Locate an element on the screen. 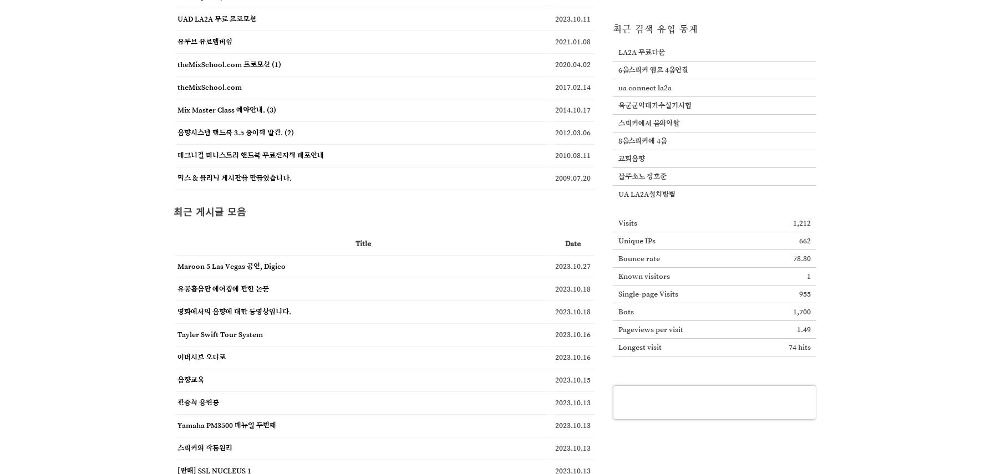  '1.49' is located at coordinates (803, 329).